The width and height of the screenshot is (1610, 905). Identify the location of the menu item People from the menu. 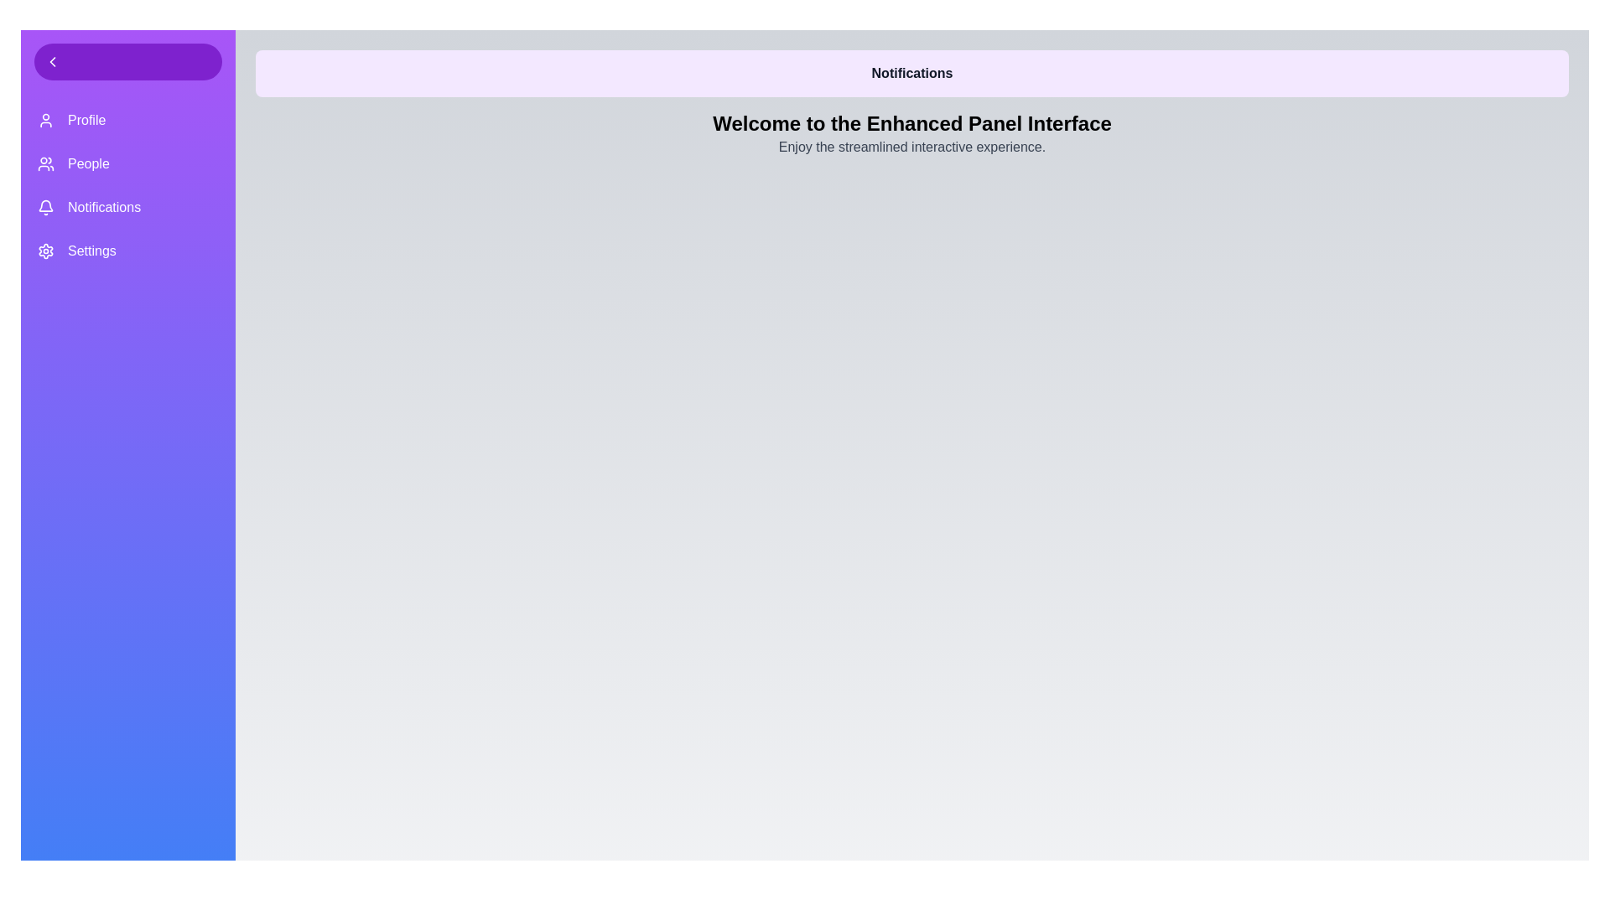
(127, 164).